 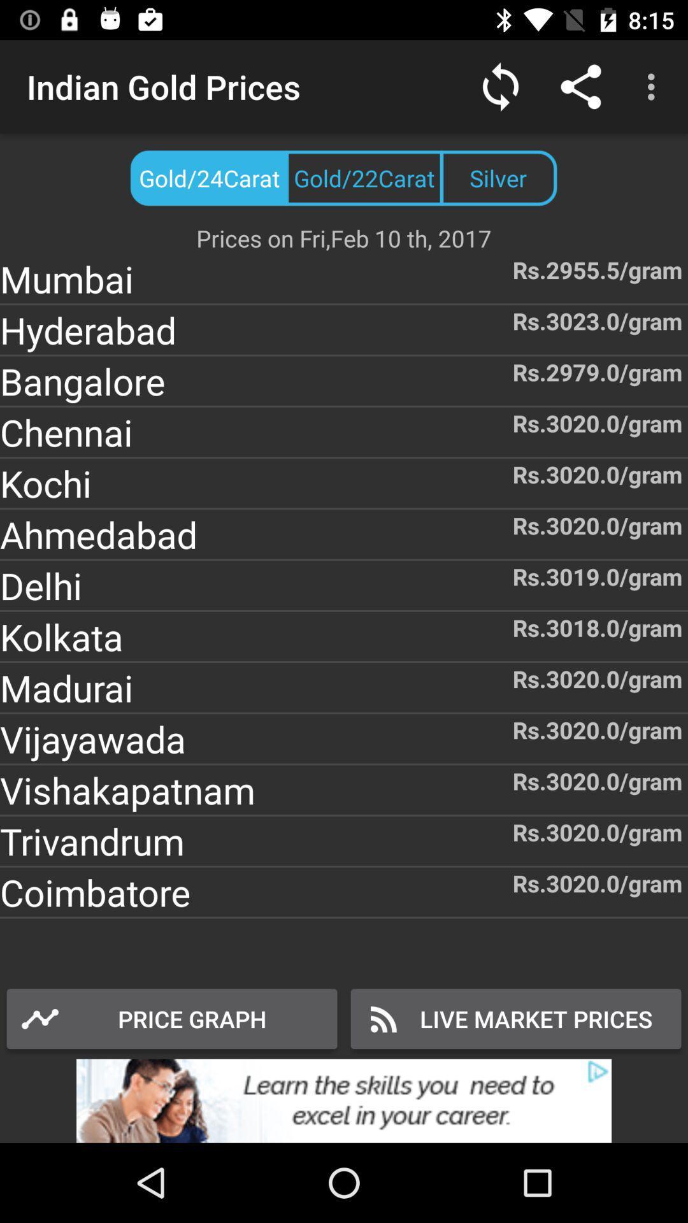 What do you see at coordinates (344, 1100) in the screenshot?
I see `the option` at bounding box center [344, 1100].